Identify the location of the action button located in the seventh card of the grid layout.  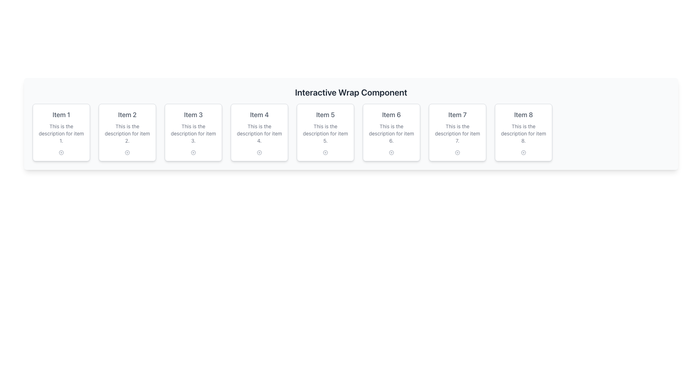
(457, 152).